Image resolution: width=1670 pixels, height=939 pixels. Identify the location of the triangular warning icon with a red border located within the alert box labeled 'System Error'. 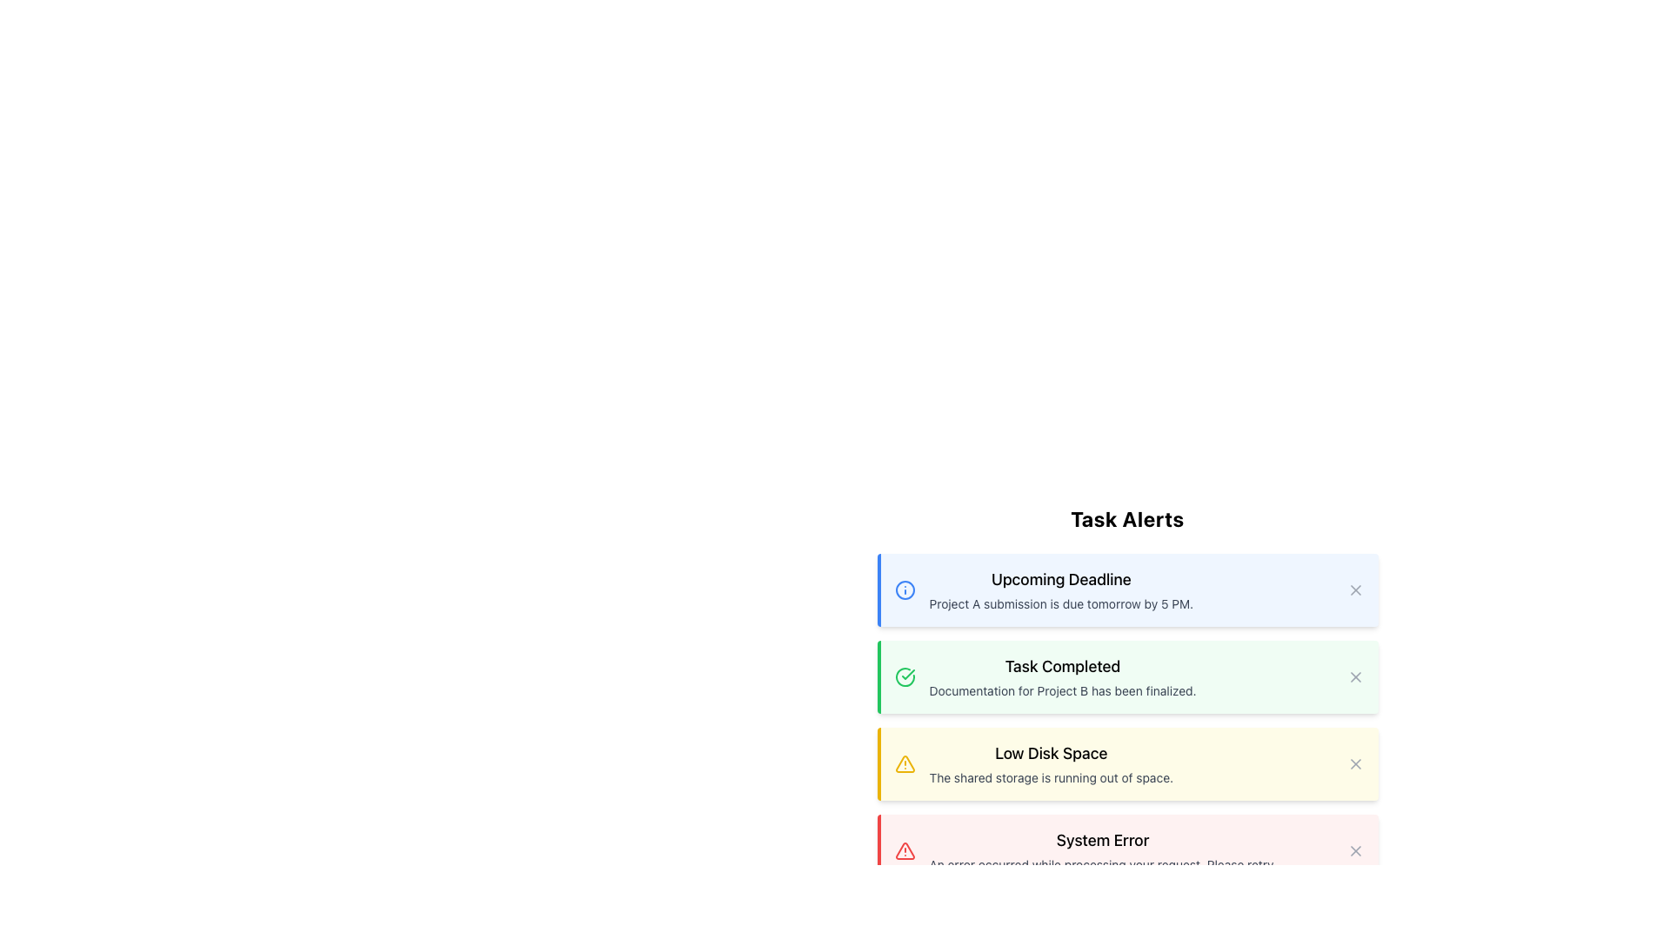
(905, 850).